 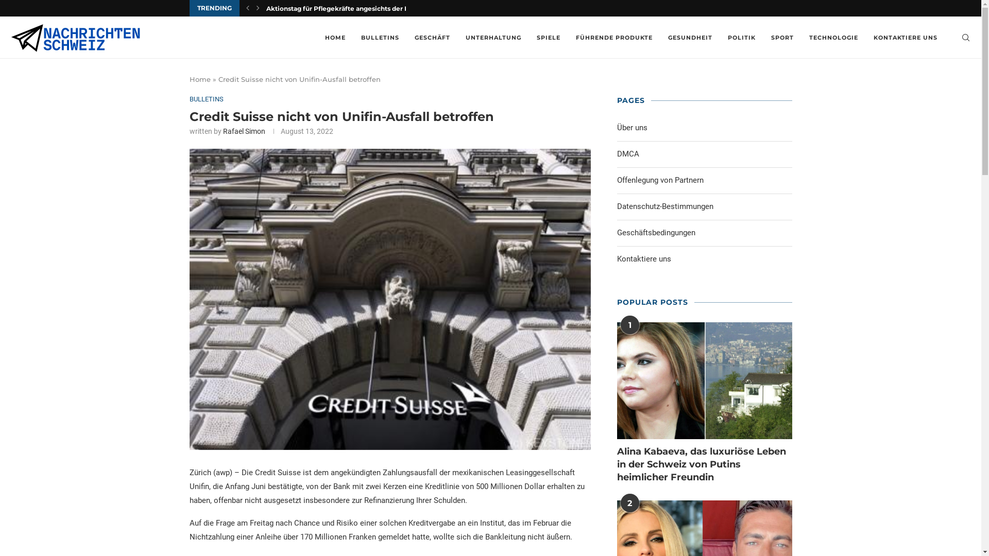 What do you see at coordinates (782, 37) in the screenshot?
I see `'SPORT'` at bounding box center [782, 37].